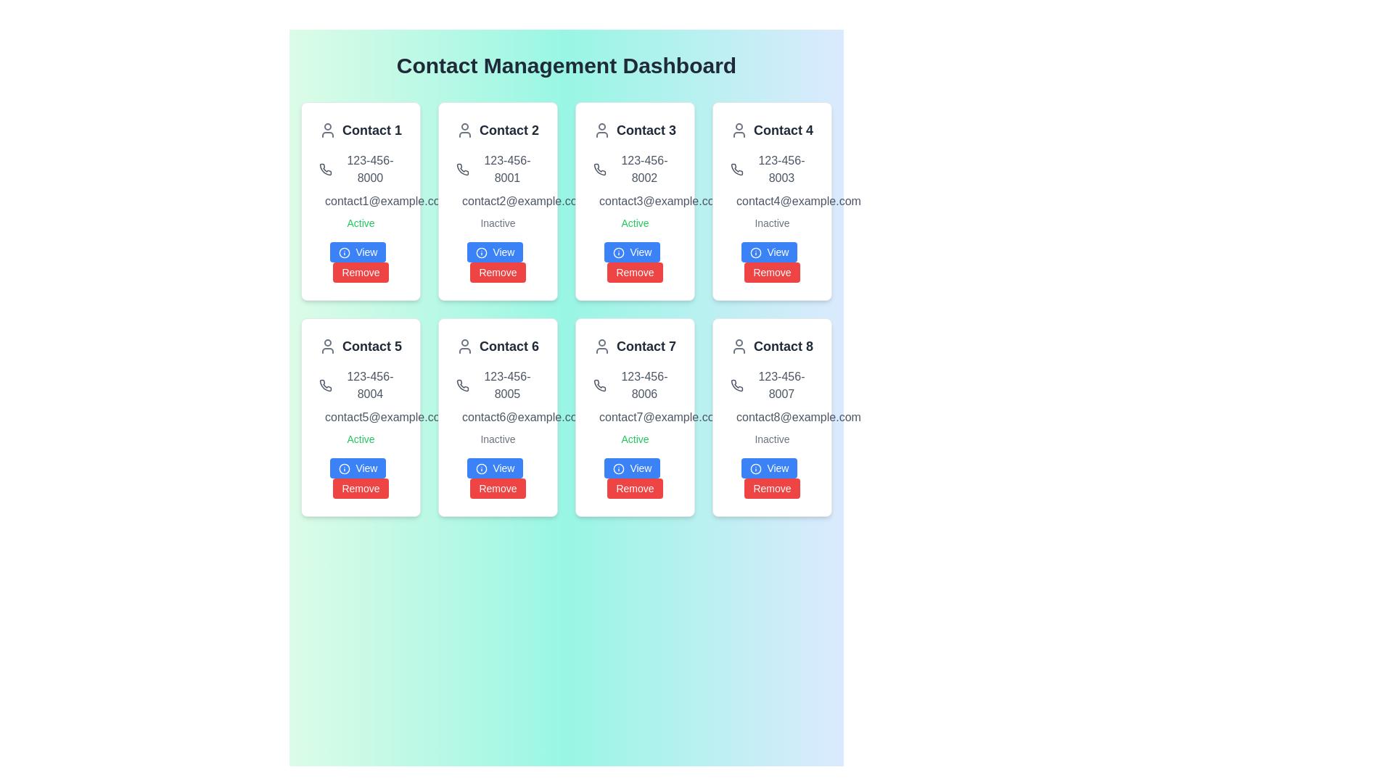 This screenshot has width=1393, height=783. What do you see at coordinates (498, 262) in the screenshot?
I see `the 'Remove' button, which is the red button with white text located at the bottom of the card for 'Contact 2'` at bounding box center [498, 262].